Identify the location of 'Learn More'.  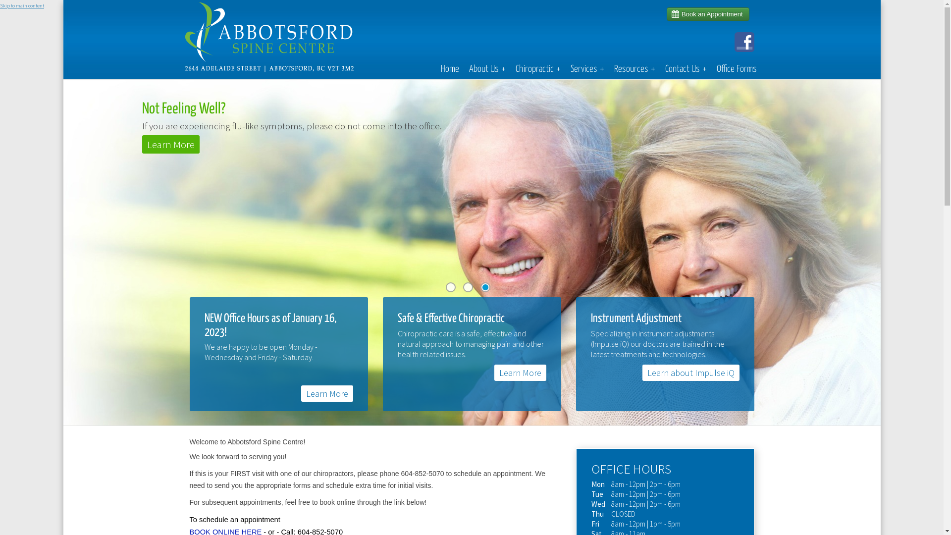
(173, 144).